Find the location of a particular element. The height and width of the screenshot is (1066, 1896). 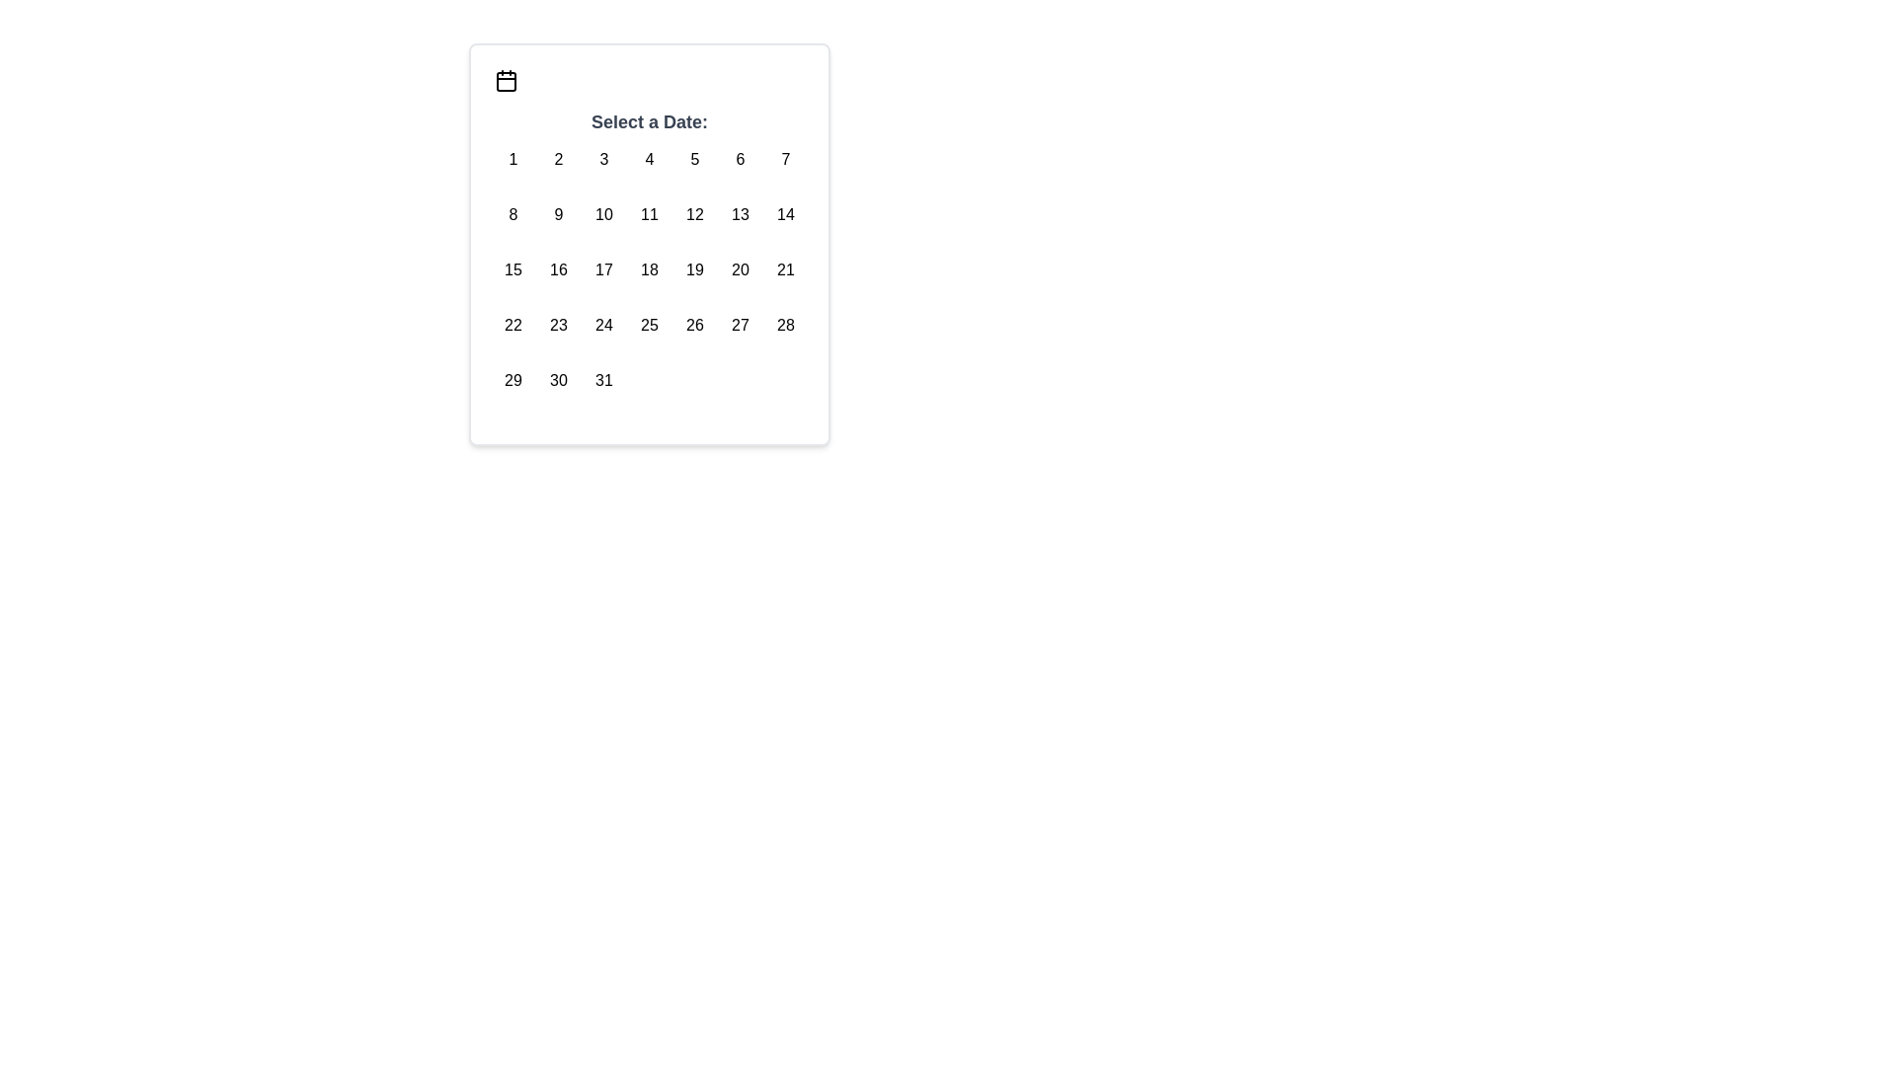

the button representing the date '25' in the calendar UI is located at coordinates (649, 325).